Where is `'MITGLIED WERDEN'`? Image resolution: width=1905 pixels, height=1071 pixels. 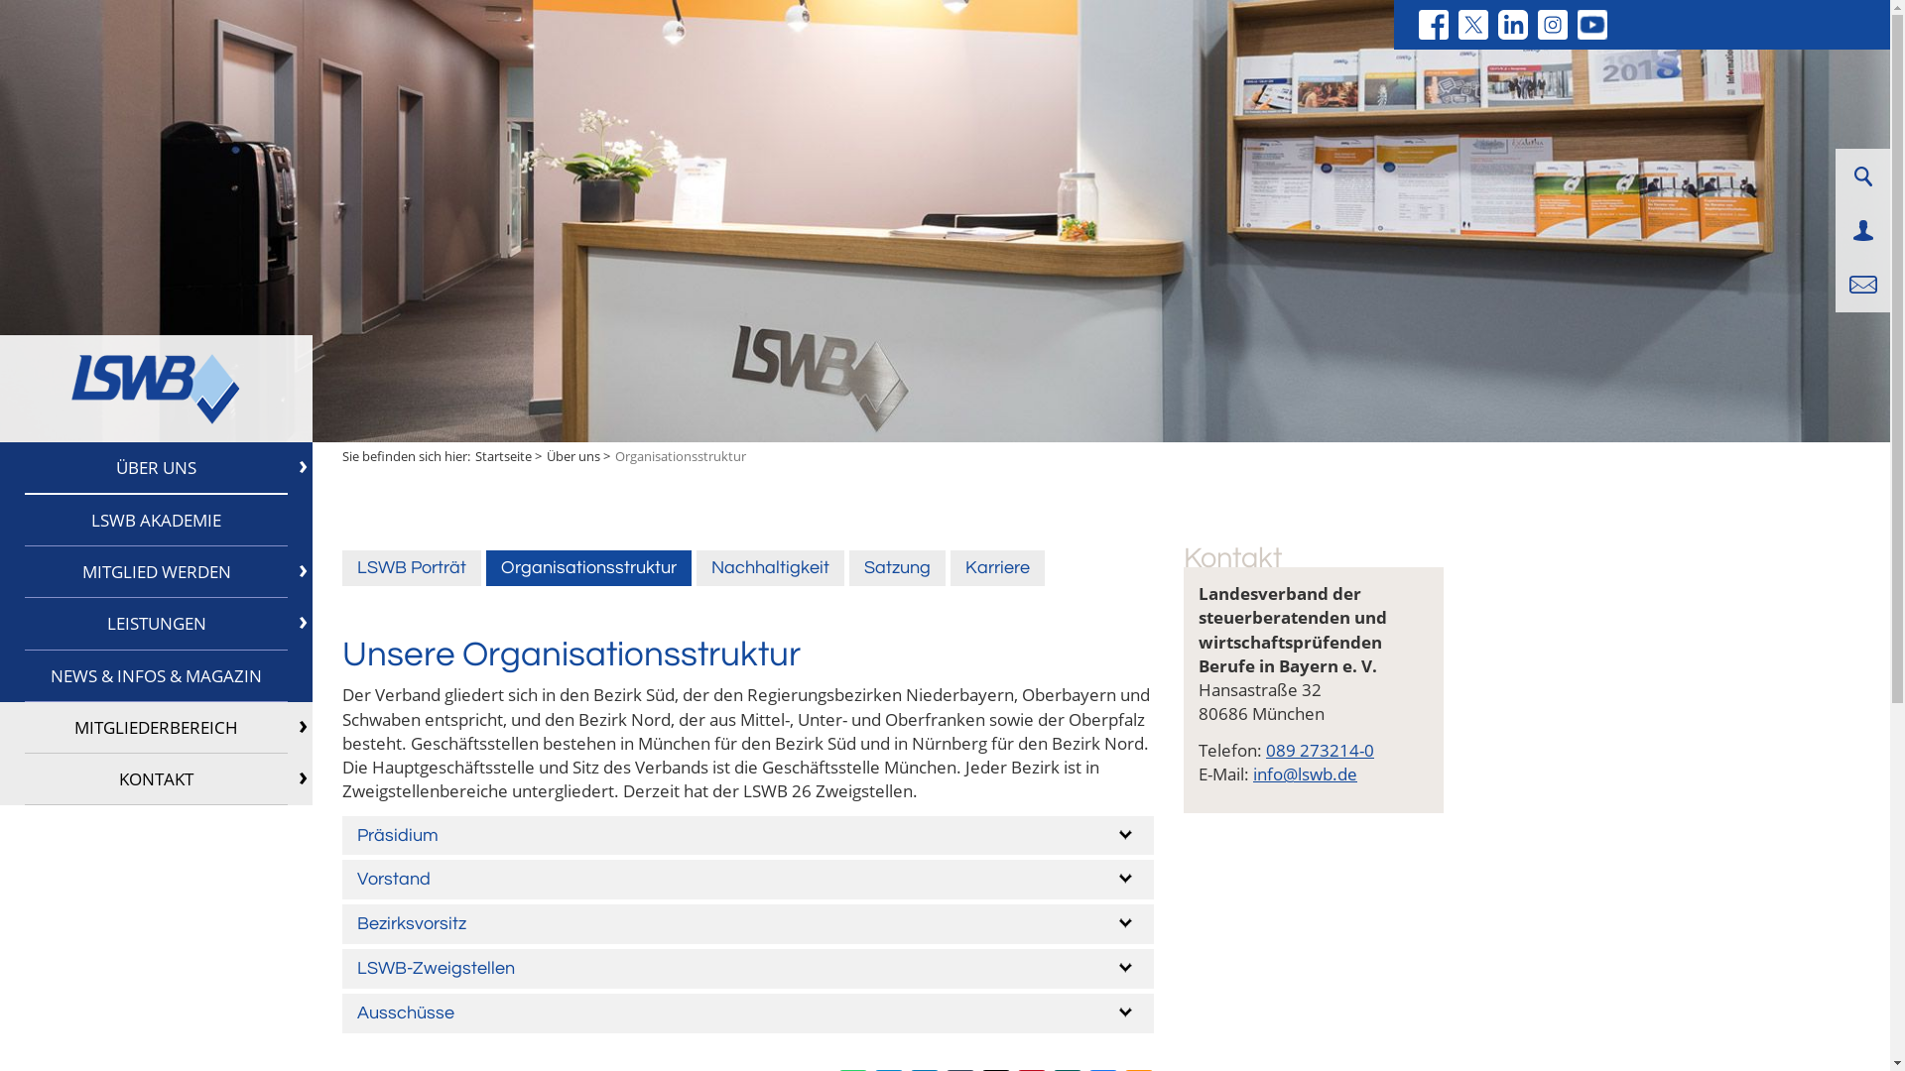 'MITGLIED WERDEN' is located at coordinates (155, 572).